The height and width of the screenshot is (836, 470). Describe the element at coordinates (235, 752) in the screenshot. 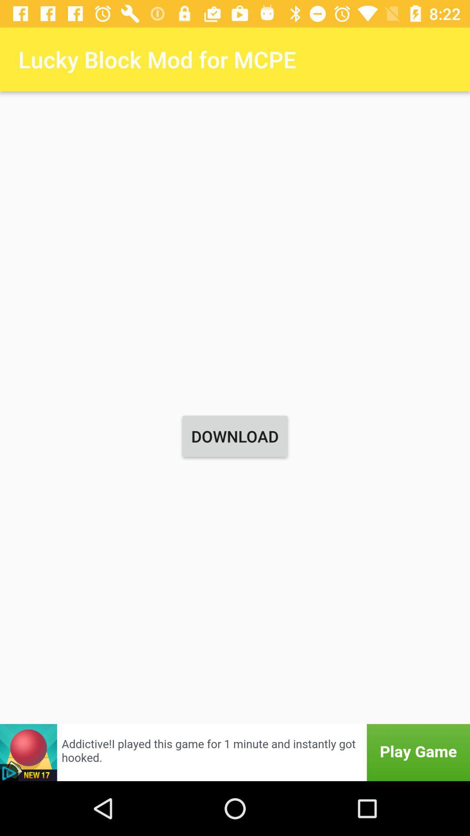

I see `advertisement banner` at that location.